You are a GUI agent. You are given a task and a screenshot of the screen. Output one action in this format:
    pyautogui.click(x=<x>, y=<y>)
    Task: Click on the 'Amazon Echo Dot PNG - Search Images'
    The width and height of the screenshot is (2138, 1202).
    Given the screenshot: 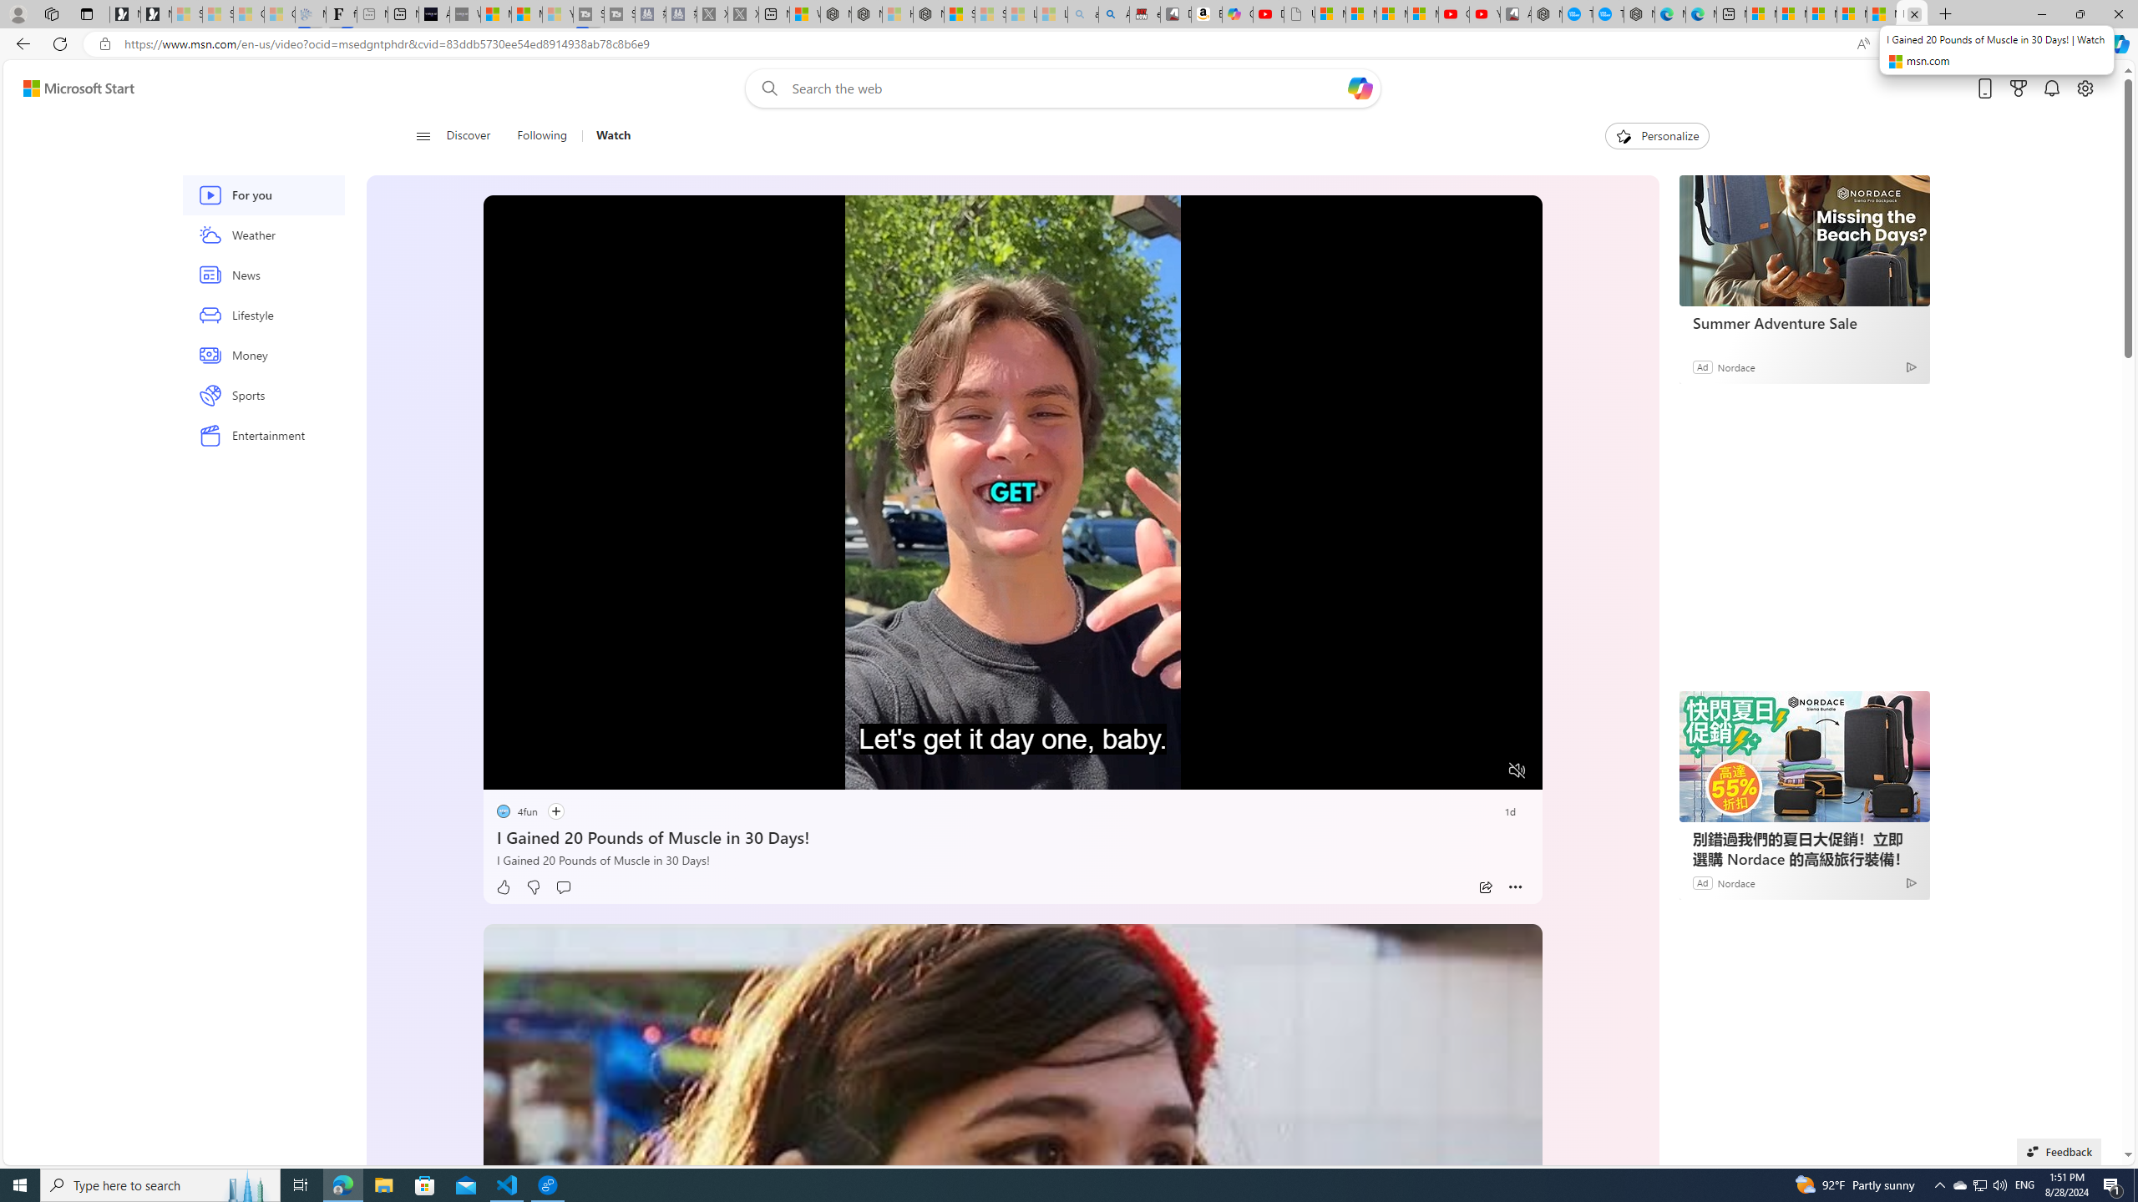 What is the action you would take?
    pyautogui.click(x=1114, y=13)
    